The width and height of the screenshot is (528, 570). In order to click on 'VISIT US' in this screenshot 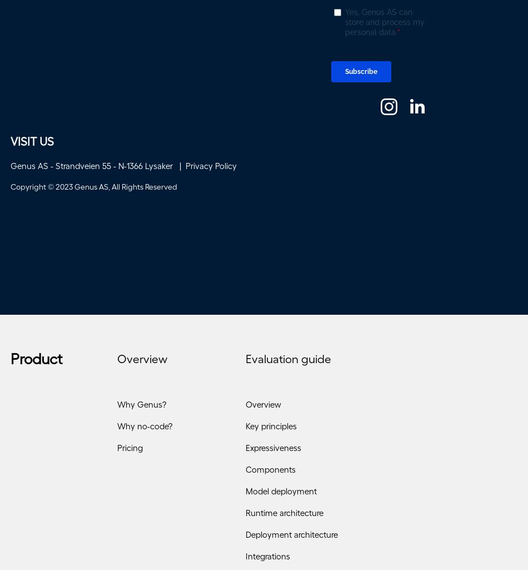, I will do `click(32, 145)`.